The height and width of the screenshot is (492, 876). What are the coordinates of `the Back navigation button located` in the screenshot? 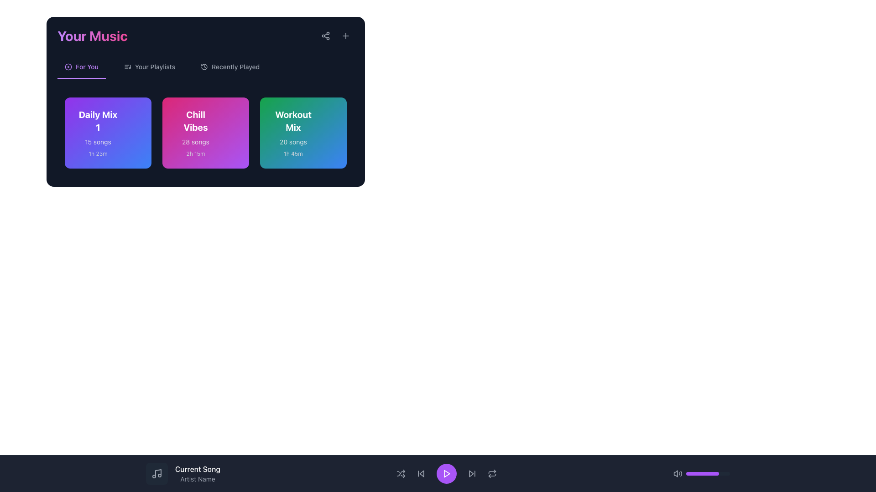 It's located at (422, 473).